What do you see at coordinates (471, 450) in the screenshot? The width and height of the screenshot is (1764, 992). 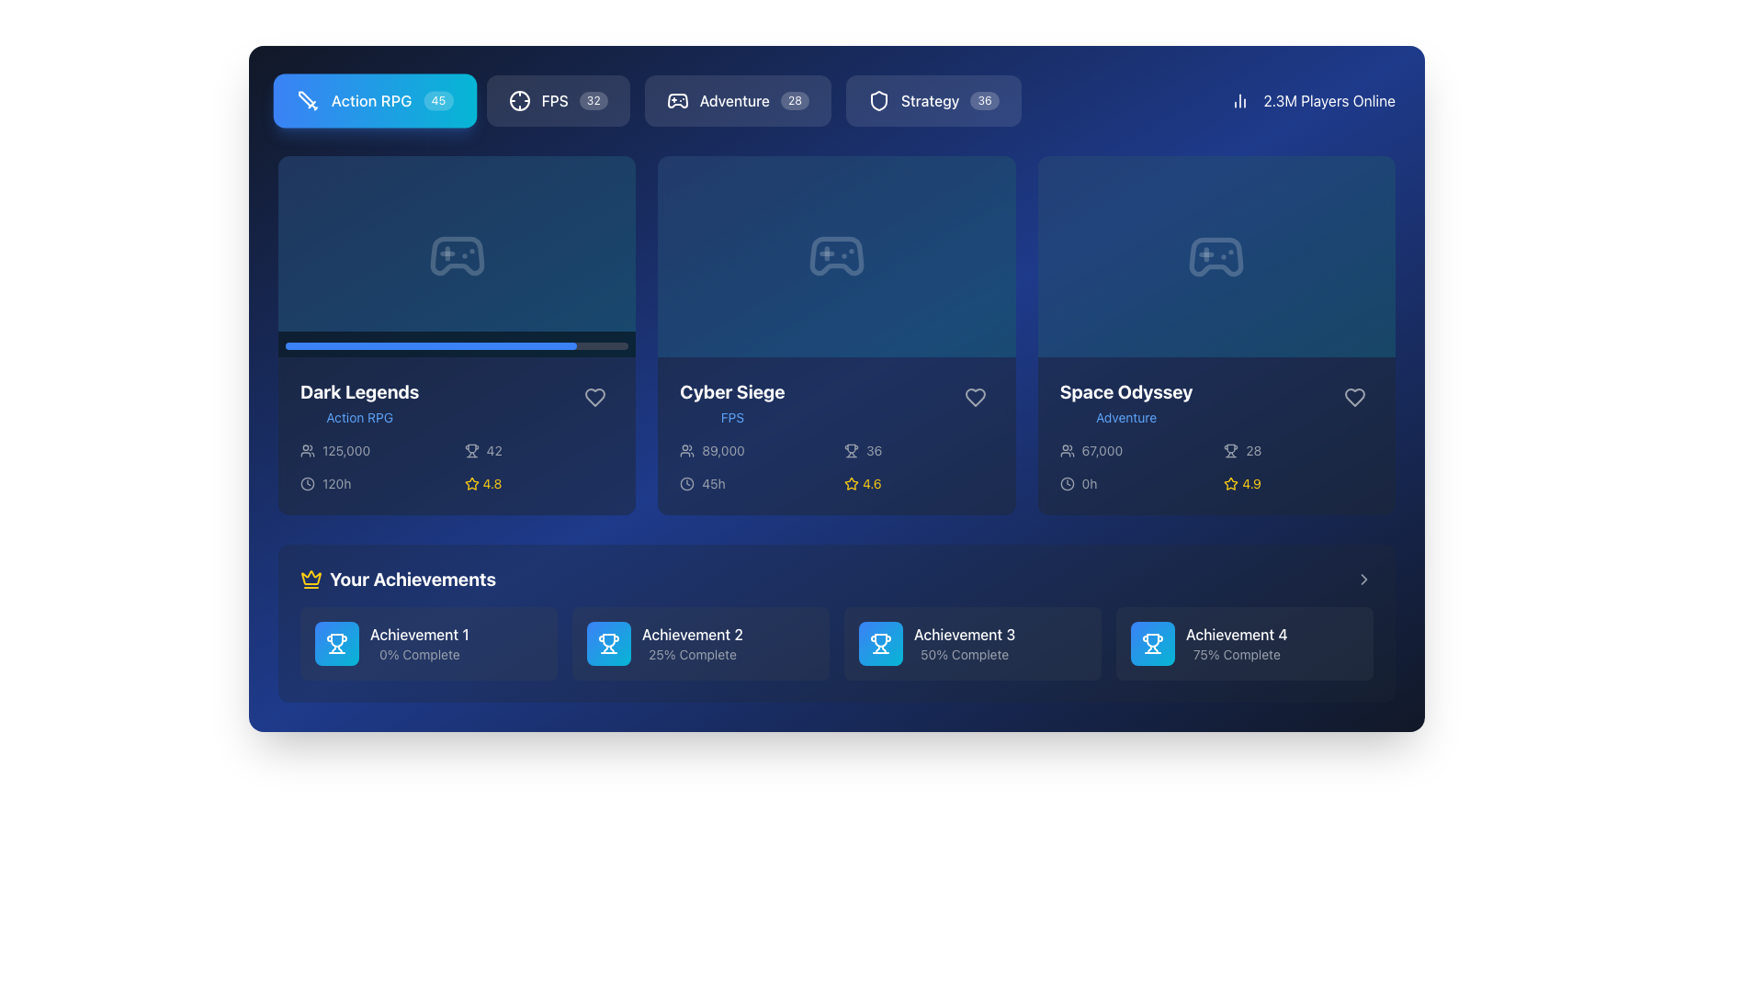 I see `the trophy icon representing the achievement count in the 'Dark Legends' card, located to the left of the number '42'` at bounding box center [471, 450].